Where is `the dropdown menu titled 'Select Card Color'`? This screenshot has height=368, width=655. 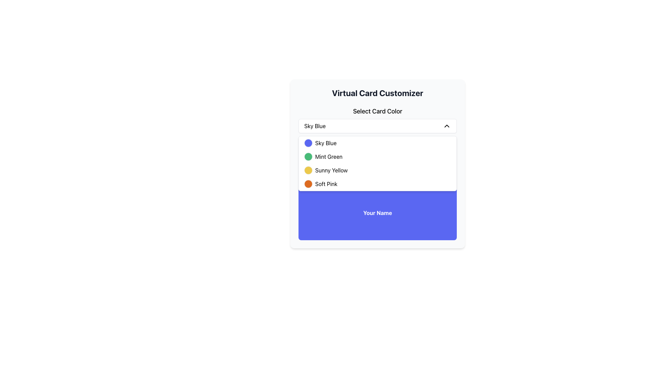 the dropdown menu titled 'Select Card Color' is located at coordinates (377, 136).